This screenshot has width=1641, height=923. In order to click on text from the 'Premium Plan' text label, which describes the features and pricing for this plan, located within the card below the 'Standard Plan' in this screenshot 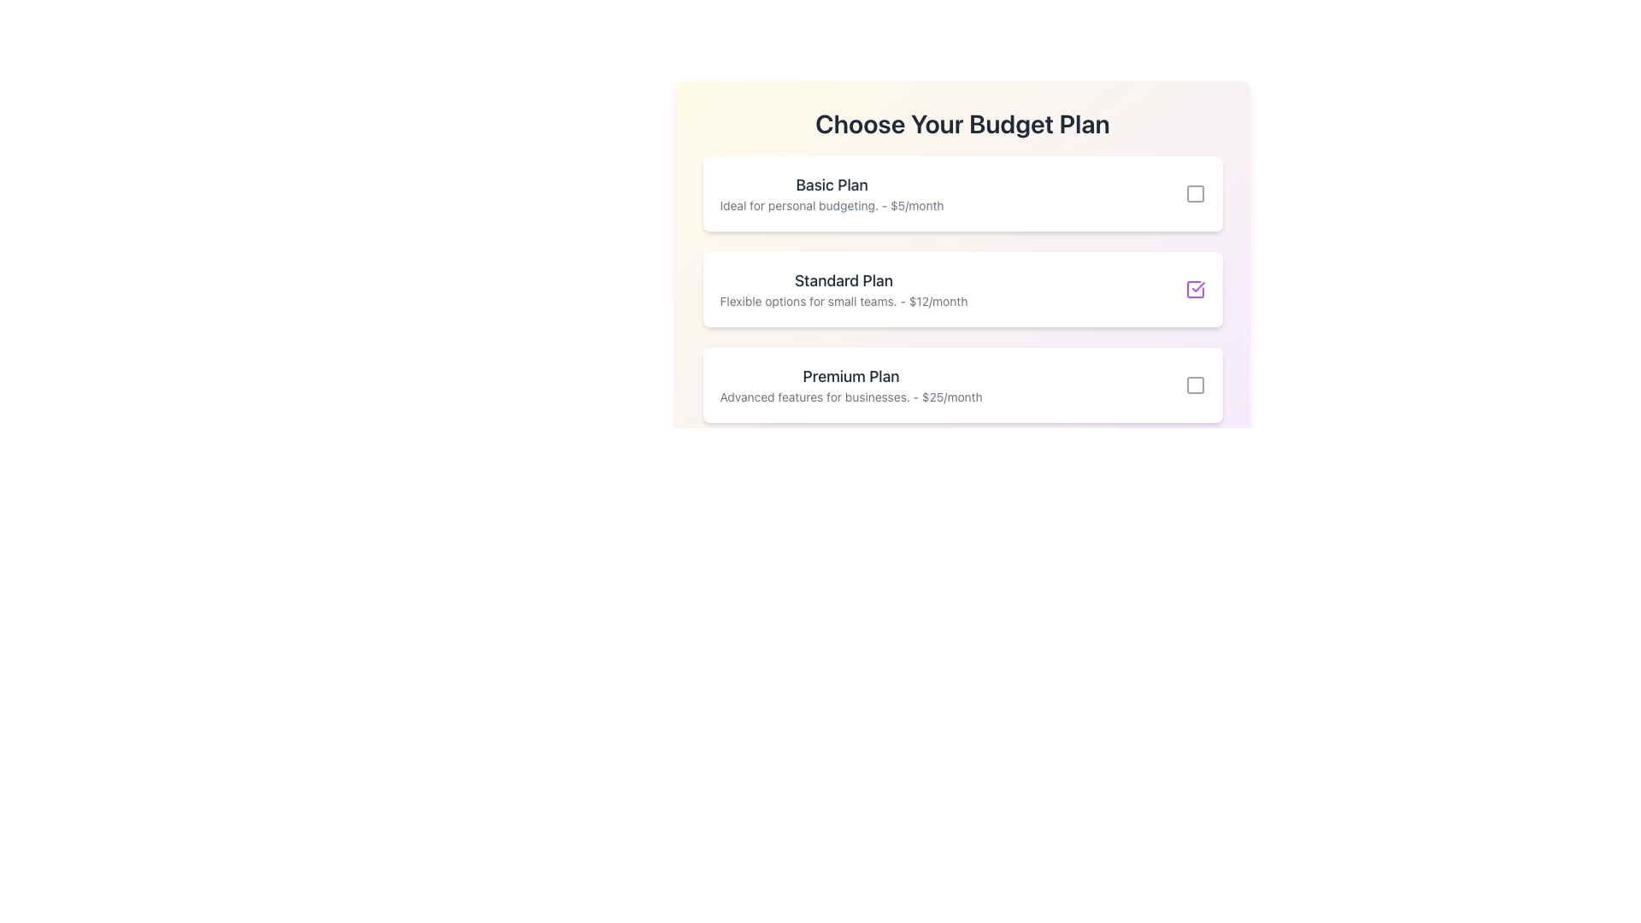, I will do `click(851, 397)`.